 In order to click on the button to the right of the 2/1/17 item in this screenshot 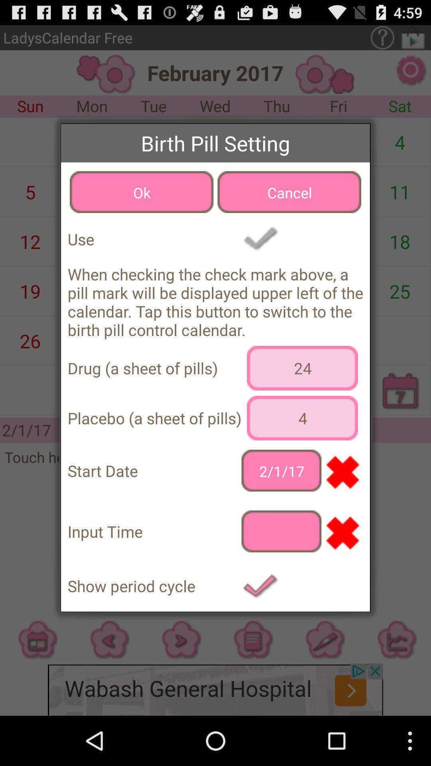, I will do `click(342, 471)`.